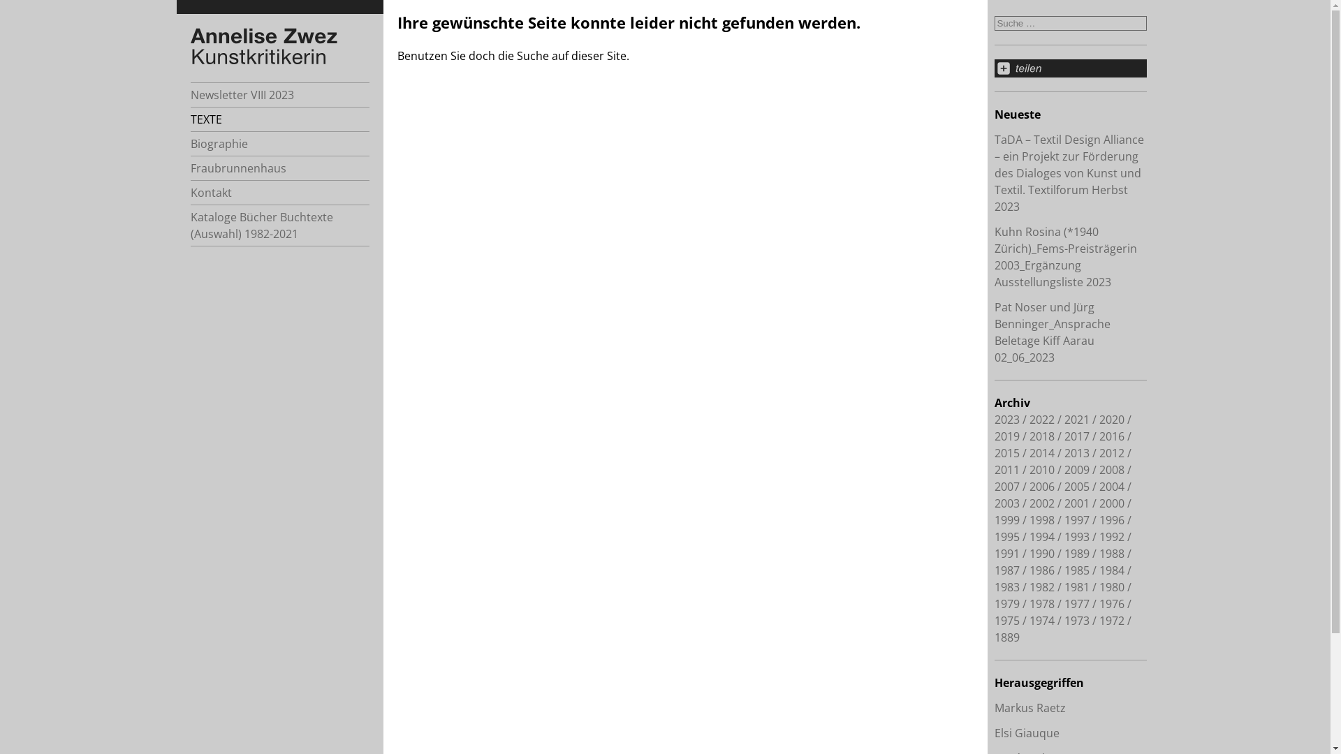 Image resolution: width=1341 pixels, height=754 pixels. I want to click on '1997', so click(1076, 519).